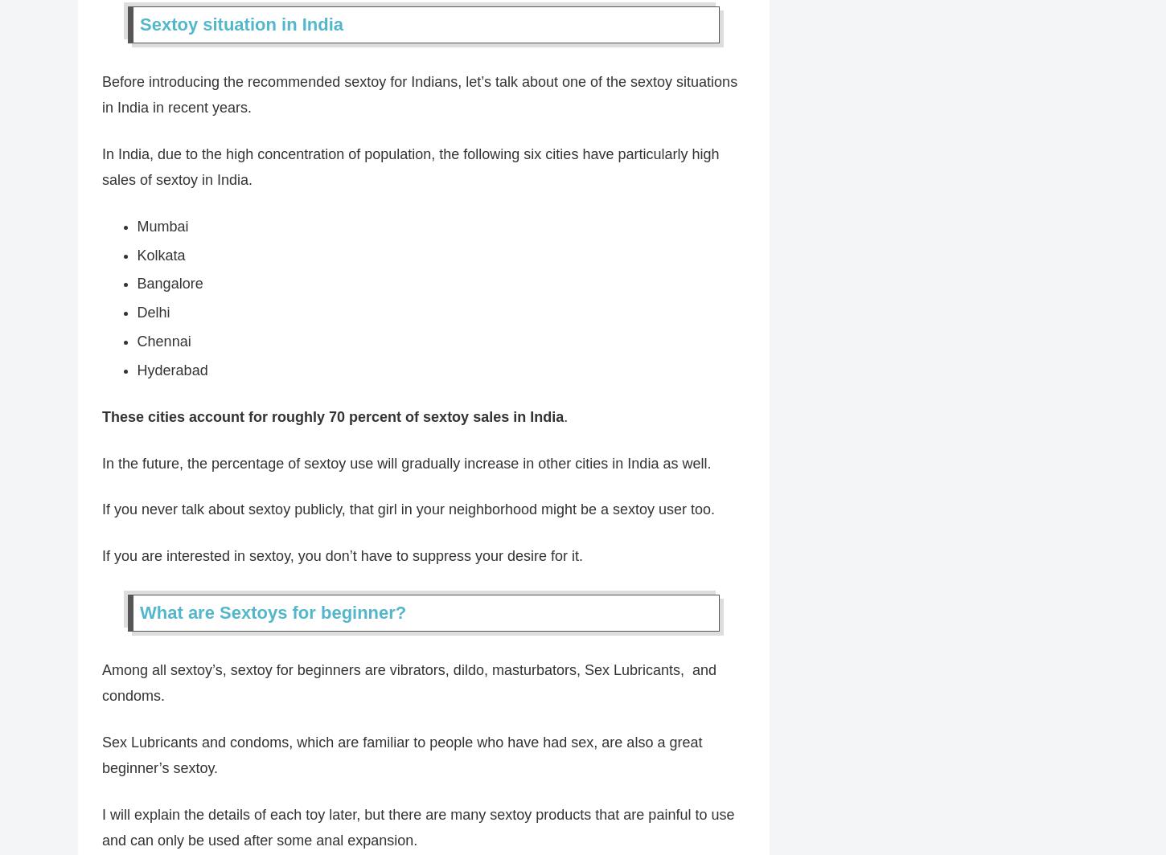 The image size is (1166, 855). What do you see at coordinates (171, 370) in the screenshot?
I see `'Hyderabad'` at bounding box center [171, 370].